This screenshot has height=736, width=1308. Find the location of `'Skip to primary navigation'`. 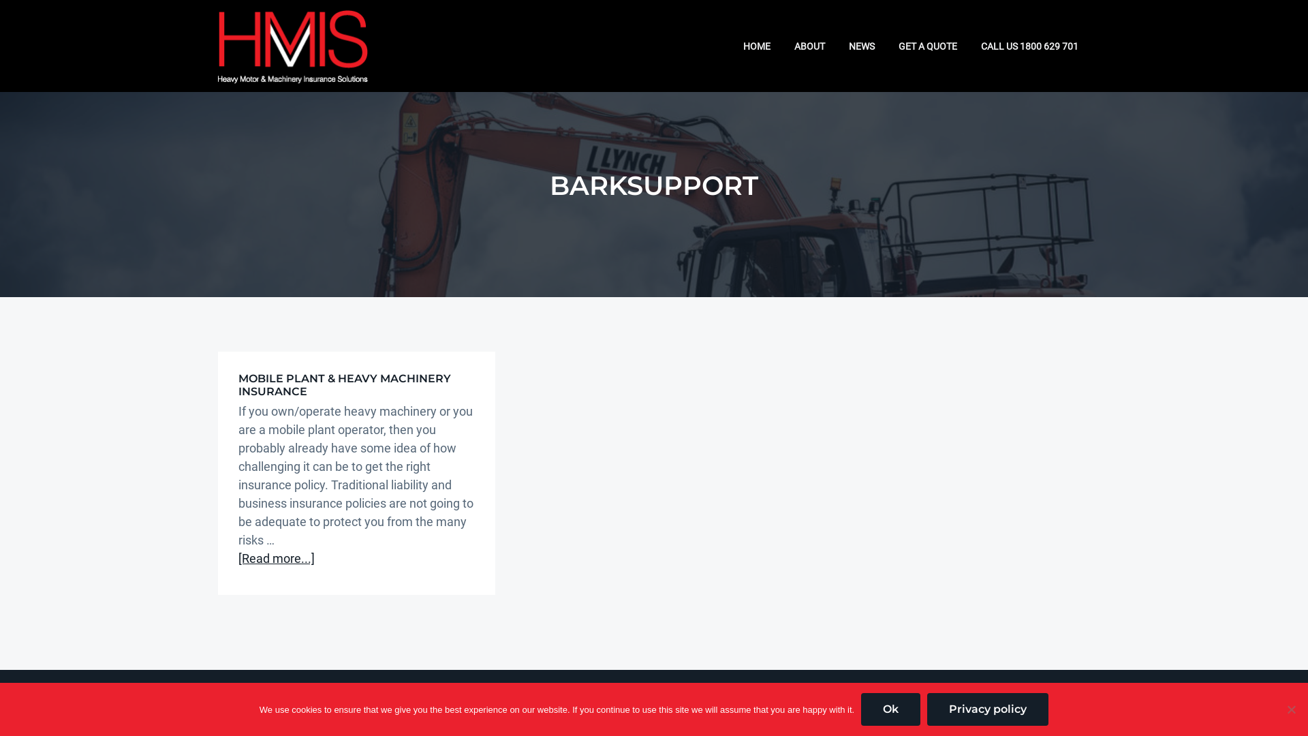

'Skip to primary navigation' is located at coordinates (0, 0).